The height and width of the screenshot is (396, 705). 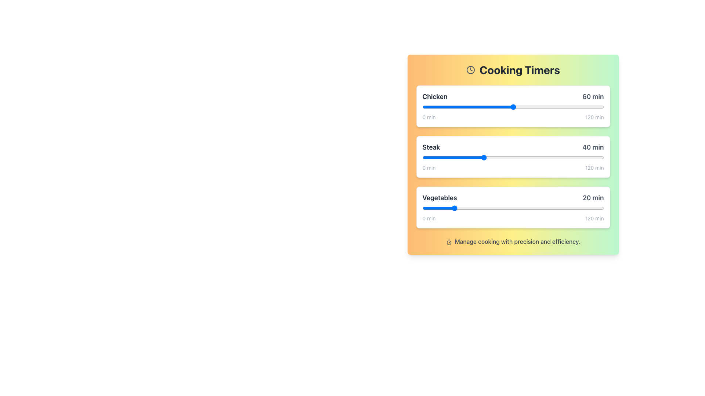 What do you see at coordinates (513, 218) in the screenshot?
I see `'minimum and maximum values' label in the 'Vegetables' section of the 'Cooking Timers' interface to view its properties` at bounding box center [513, 218].